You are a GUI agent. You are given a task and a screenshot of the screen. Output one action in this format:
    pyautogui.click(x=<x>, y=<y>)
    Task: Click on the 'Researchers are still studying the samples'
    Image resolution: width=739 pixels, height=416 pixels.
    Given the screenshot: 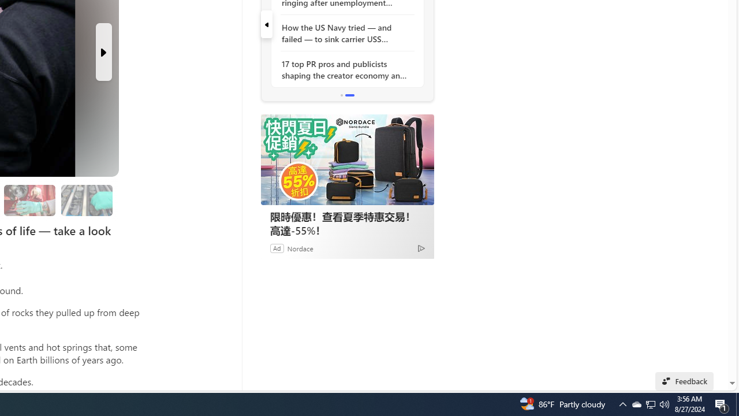 What is the action you would take?
    pyautogui.click(x=86, y=200)
    